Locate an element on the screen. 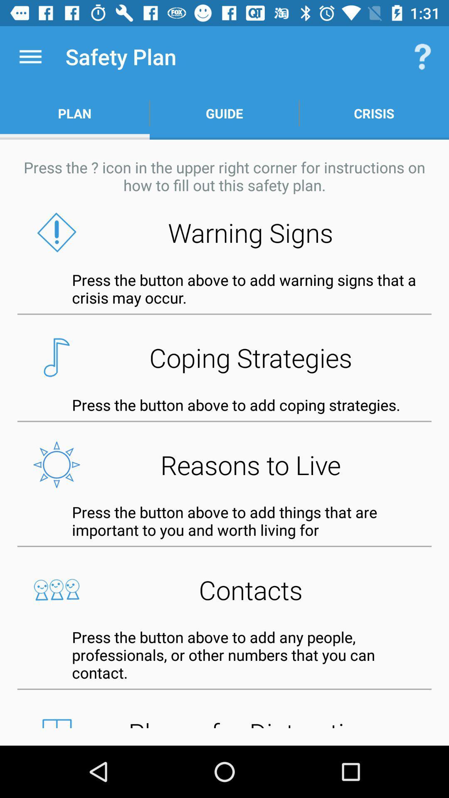 The image size is (449, 798). item to the left of the crisis app is located at coordinates (224, 113).